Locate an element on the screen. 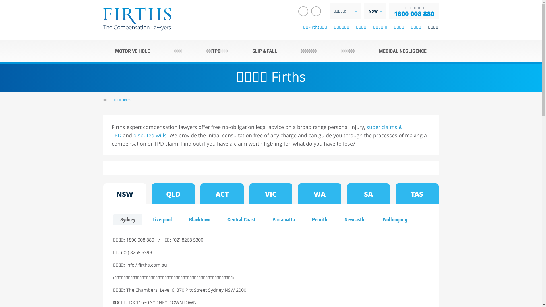 The height and width of the screenshot is (307, 546). 'VIC' is located at coordinates (270, 194).